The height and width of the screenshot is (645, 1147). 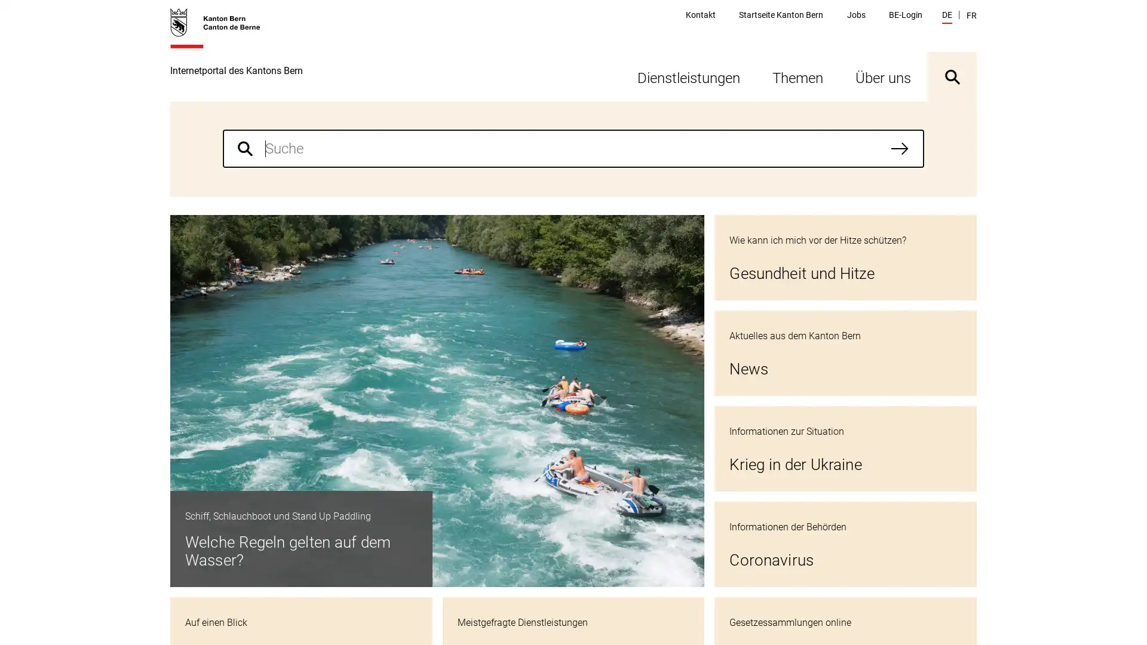 I want to click on Suchen, so click(x=900, y=148).